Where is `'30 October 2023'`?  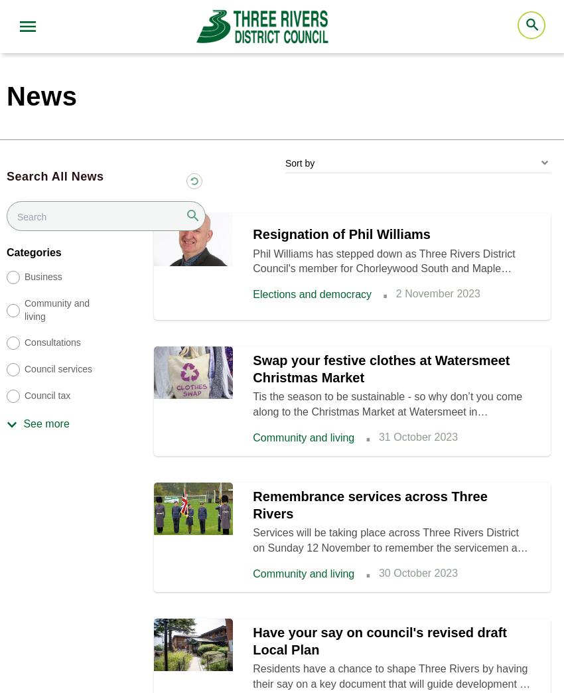 '30 October 2023' is located at coordinates (417, 573).